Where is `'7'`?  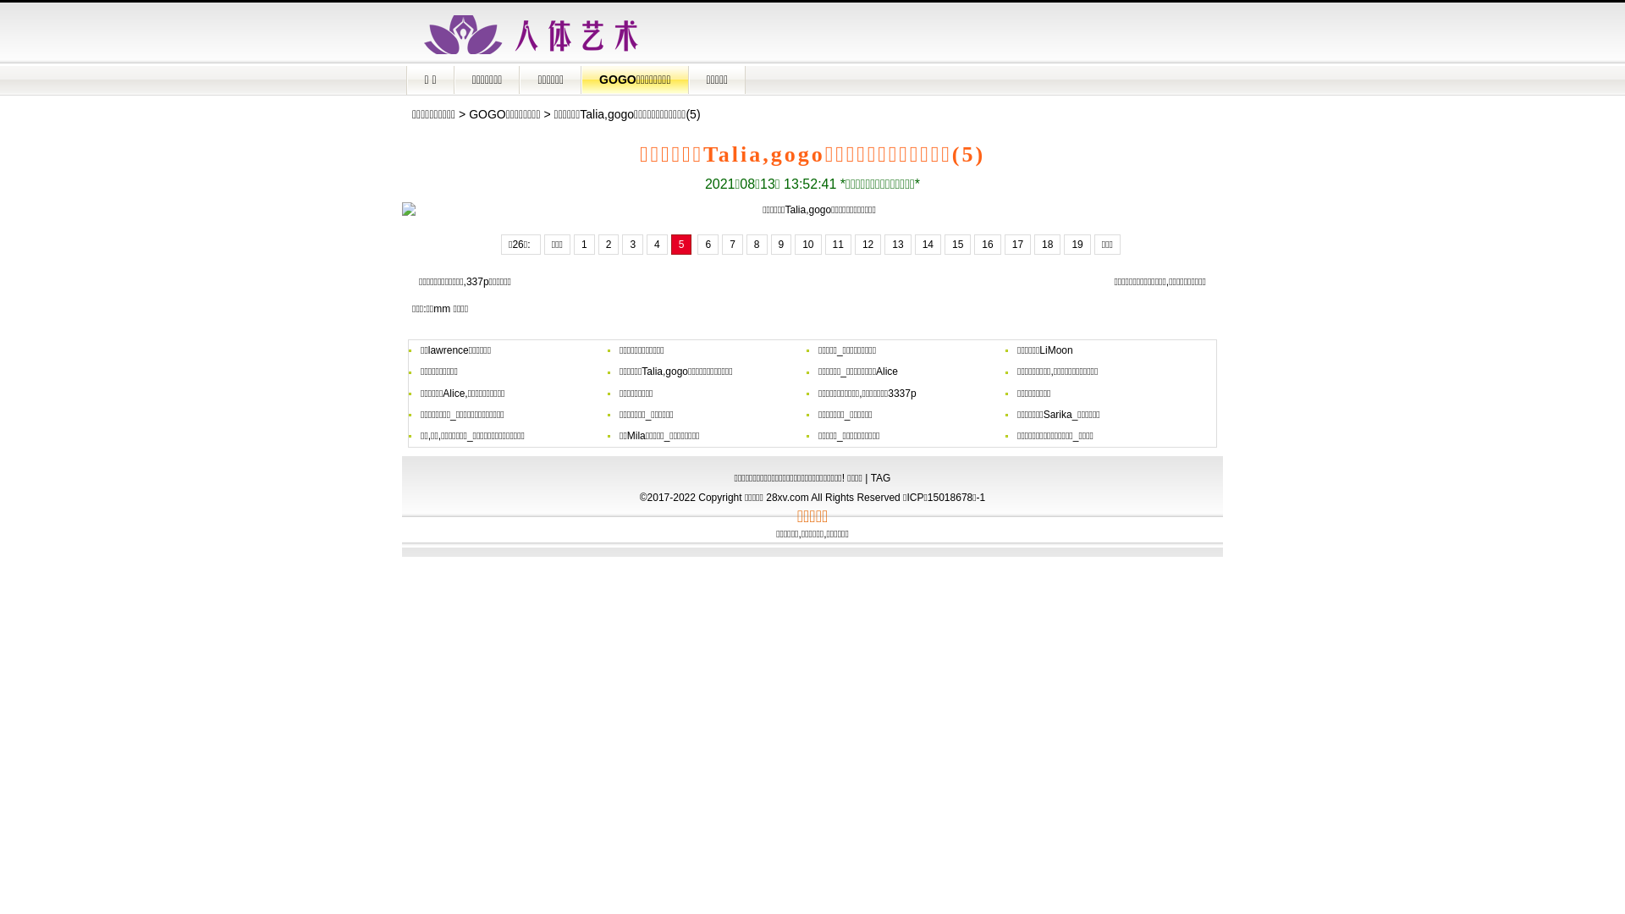 '7' is located at coordinates (732, 245).